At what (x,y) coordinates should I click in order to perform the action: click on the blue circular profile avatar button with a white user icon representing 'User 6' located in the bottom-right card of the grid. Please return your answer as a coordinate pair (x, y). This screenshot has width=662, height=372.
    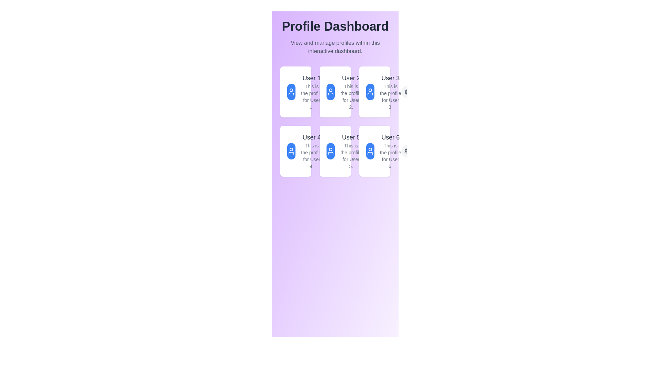
    Looking at the image, I should click on (370, 151).